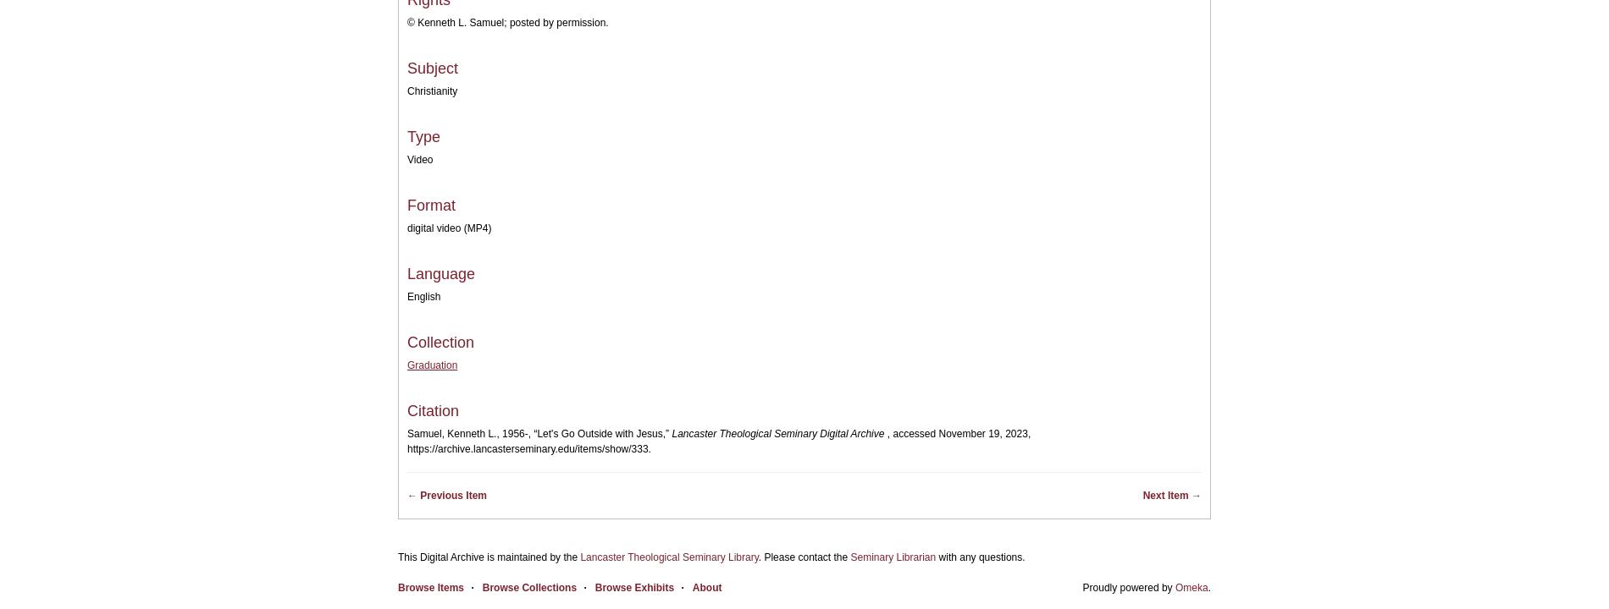 The height and width of the screenshot is (609, 1609). Describe the element at coordinates (440, 343) in the screenshot. I see `'Collection'` at that location.